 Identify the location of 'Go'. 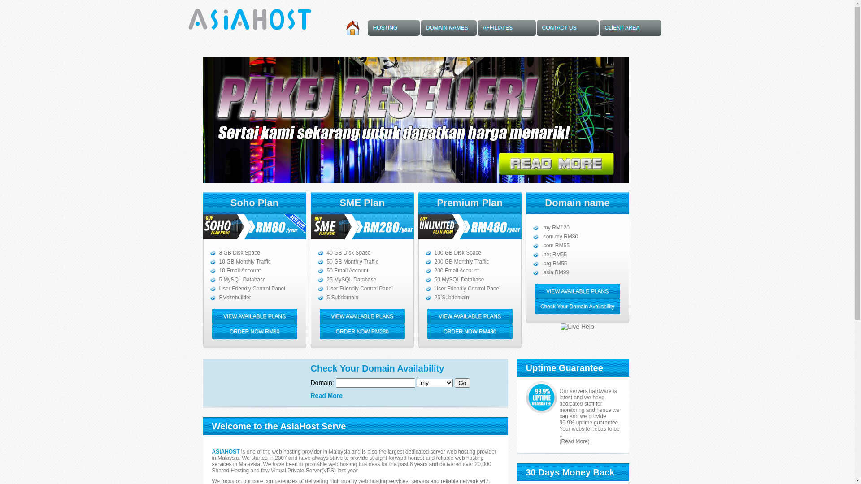
(454, 383).